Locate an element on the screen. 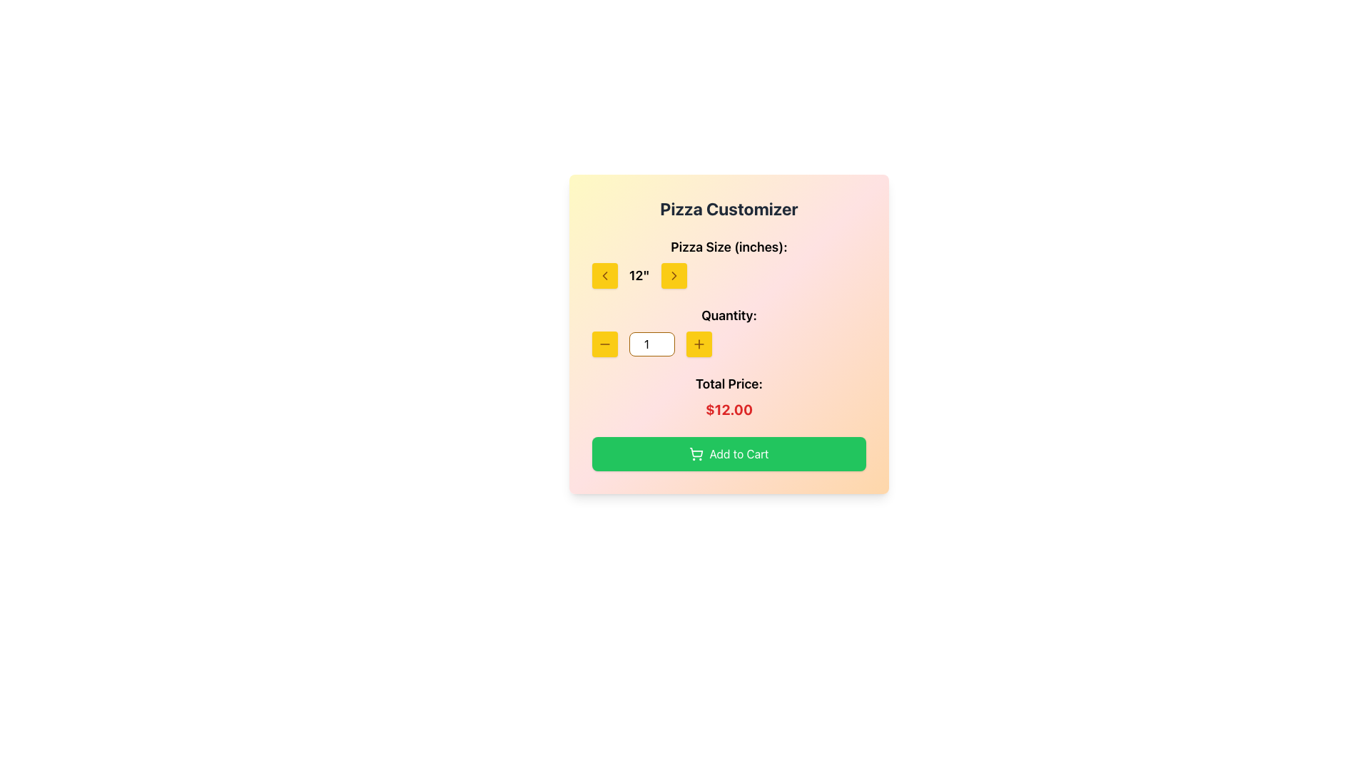 Image resolution: width=1370 pixels, height=770 pixels. the fourth button in the horizontal arrangement that increments the quantity displayed in the preceding input box is located at coordinates (699, 344).